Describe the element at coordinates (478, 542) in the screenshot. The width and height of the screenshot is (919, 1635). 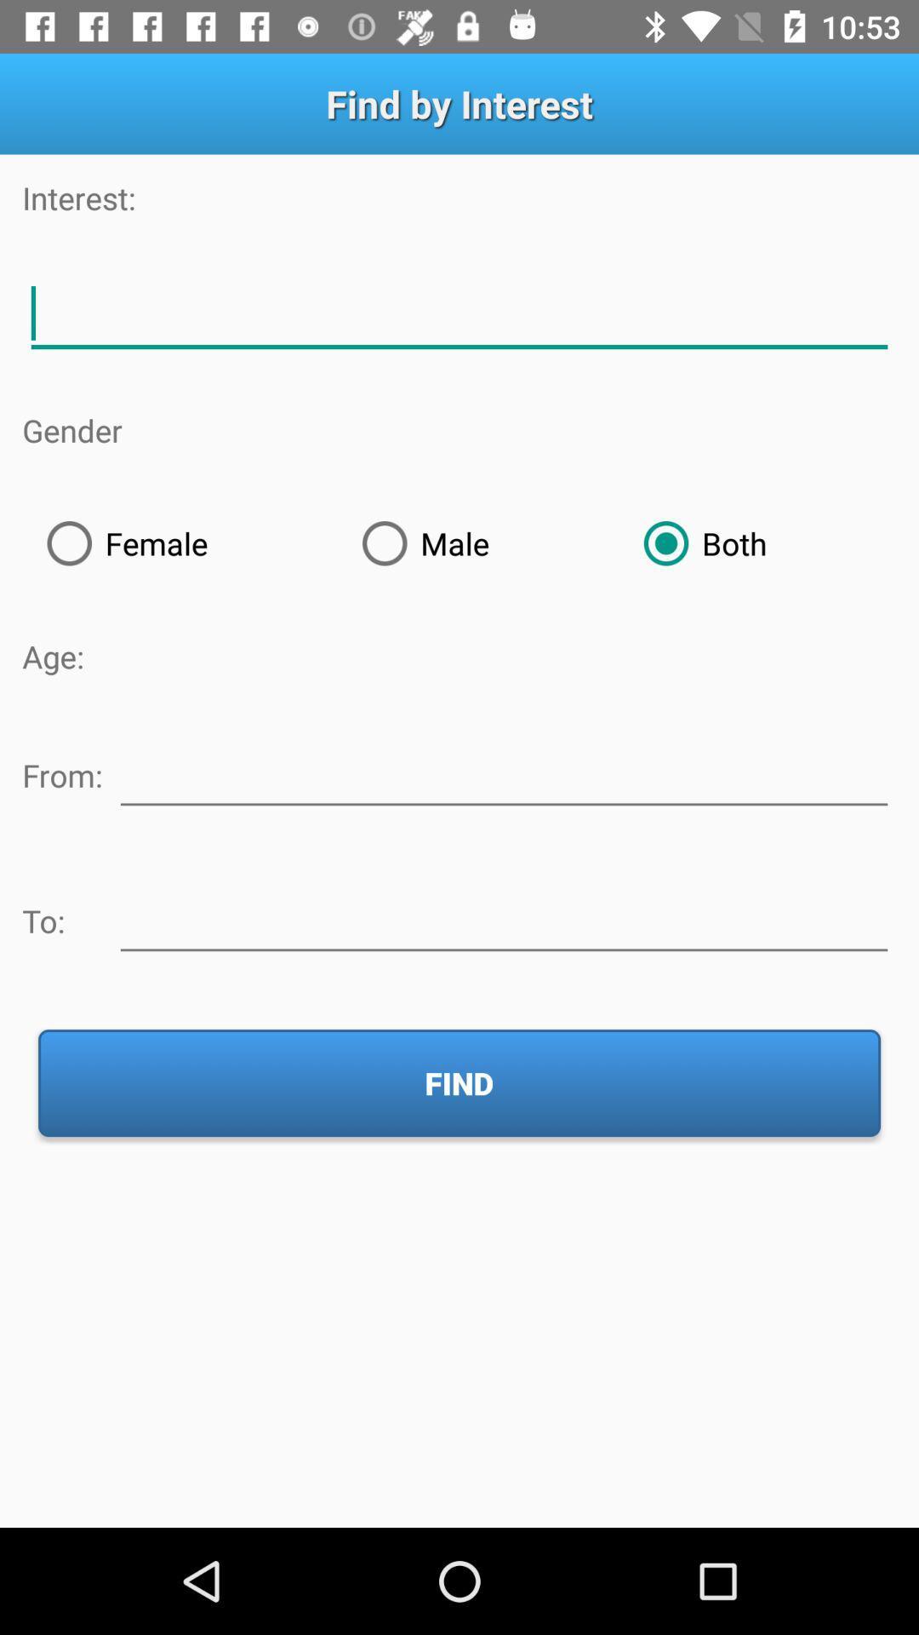
I see `the radio button to the right of the female icon` at that location.